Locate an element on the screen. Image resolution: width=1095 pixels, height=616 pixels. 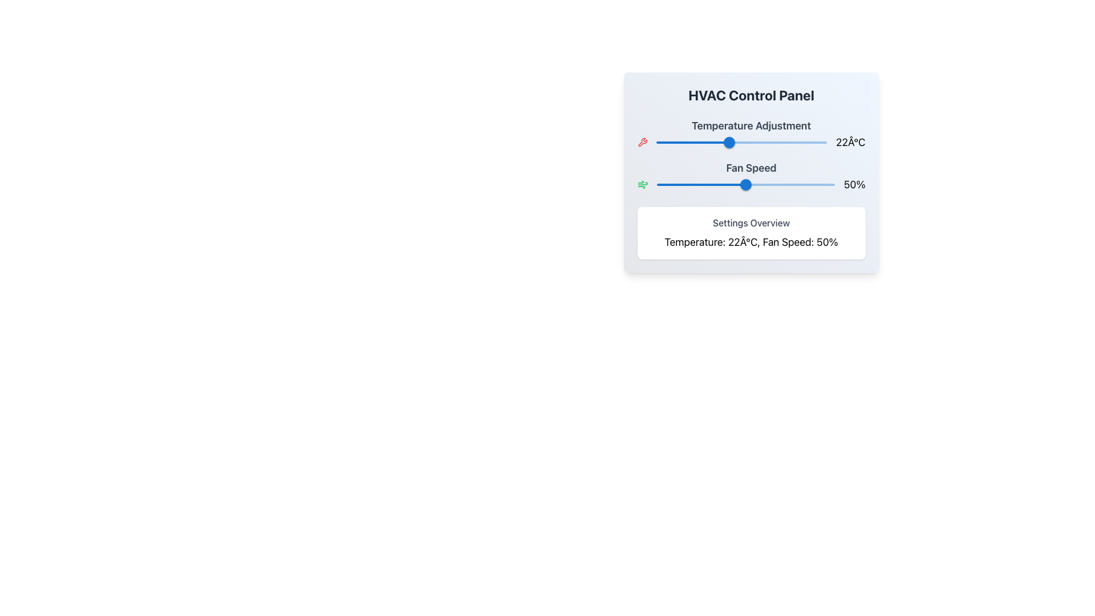
the fan speed is located at coordinates (753, 184).